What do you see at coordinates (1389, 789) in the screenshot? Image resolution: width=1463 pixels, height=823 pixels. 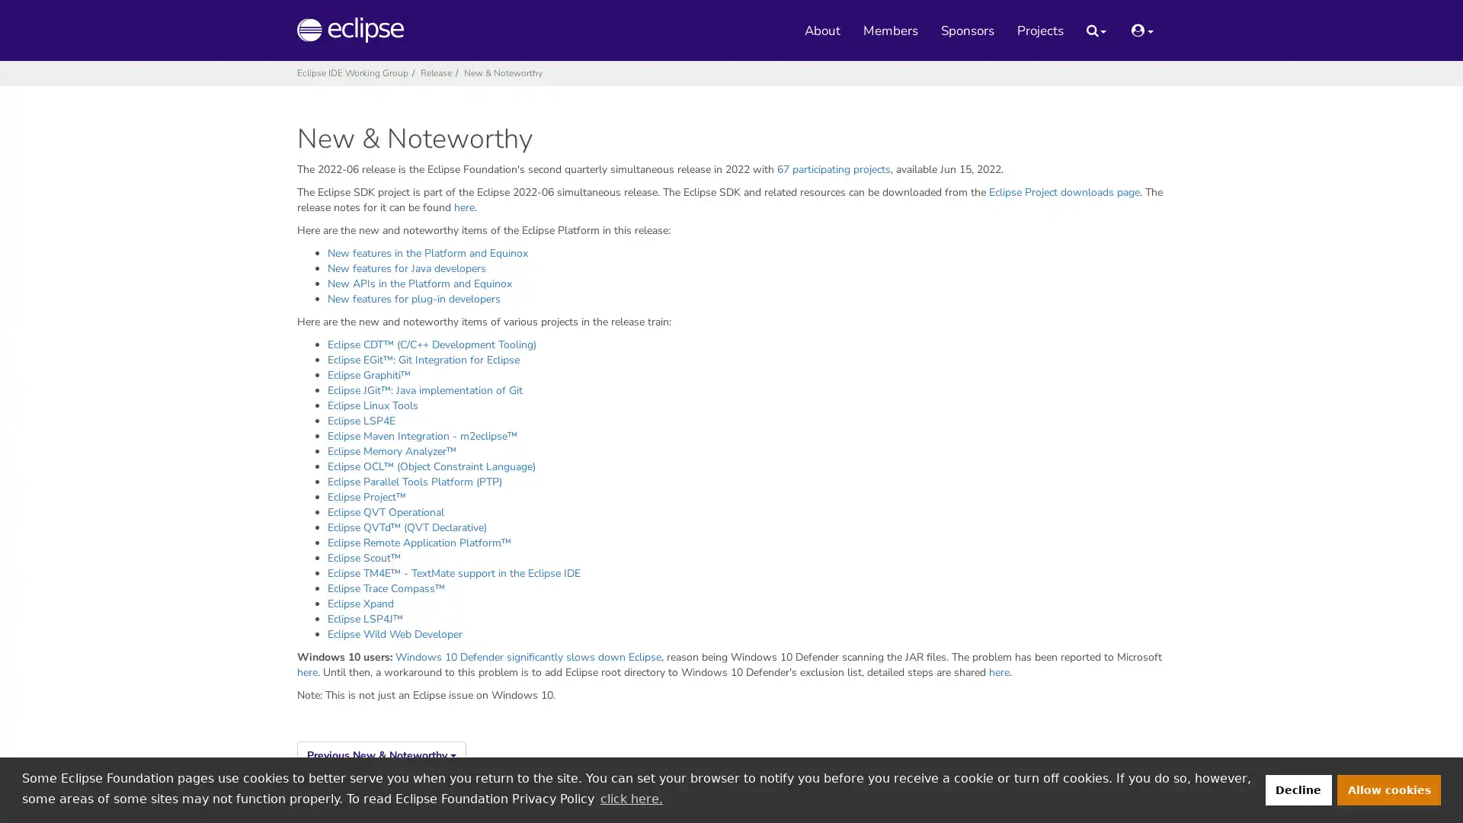 I see `allow cookies` at bounding box center [1389, 789].